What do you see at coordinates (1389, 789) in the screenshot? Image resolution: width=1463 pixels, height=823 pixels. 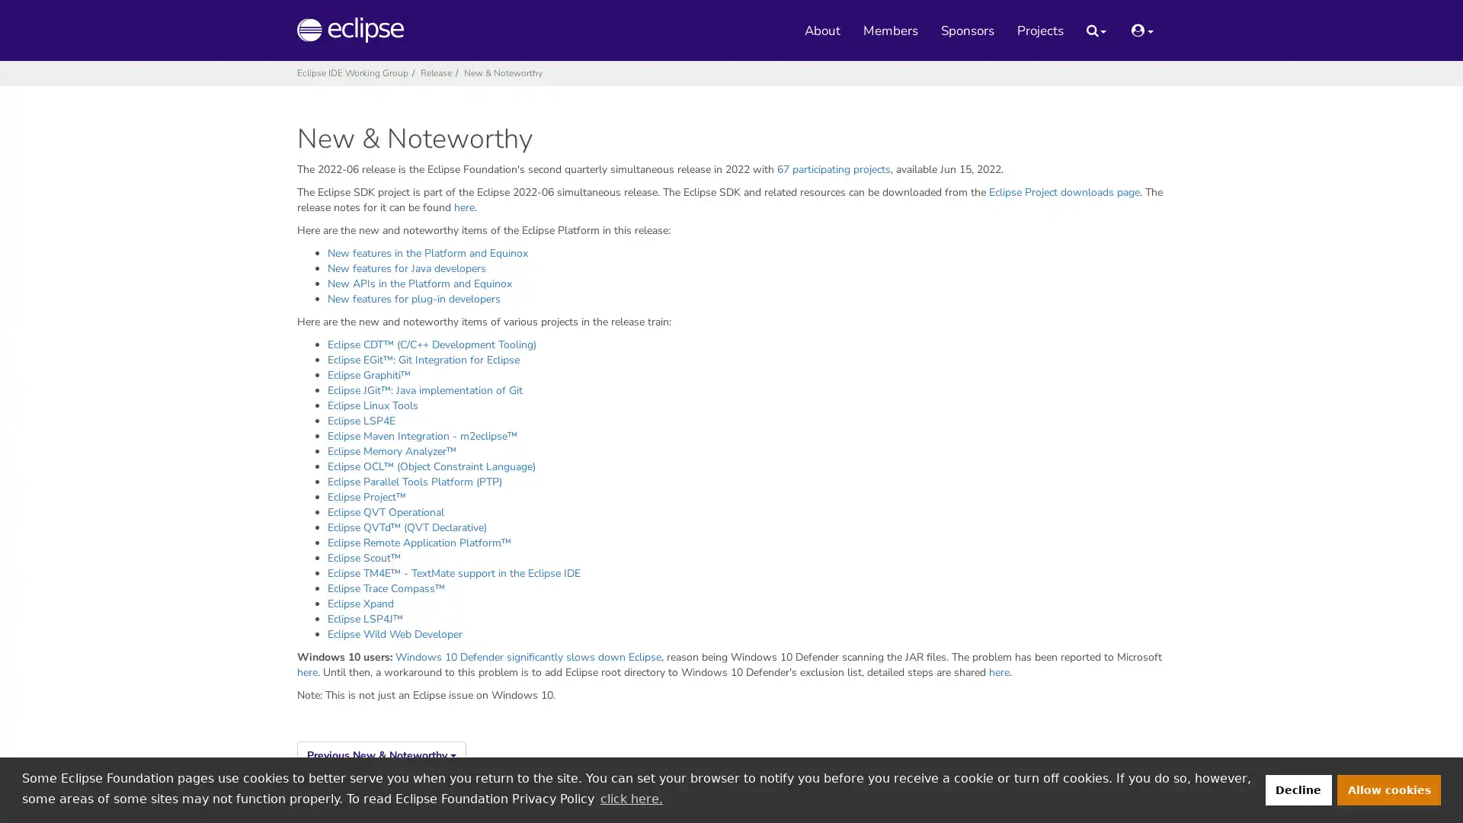 I see `allow cookies` at bounding box center [1389, 789].